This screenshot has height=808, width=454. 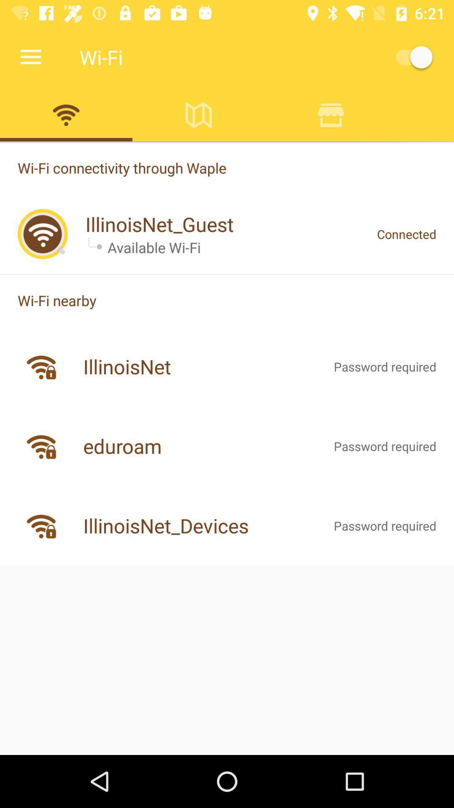 I want to click on store, so click(x=330, y=114).